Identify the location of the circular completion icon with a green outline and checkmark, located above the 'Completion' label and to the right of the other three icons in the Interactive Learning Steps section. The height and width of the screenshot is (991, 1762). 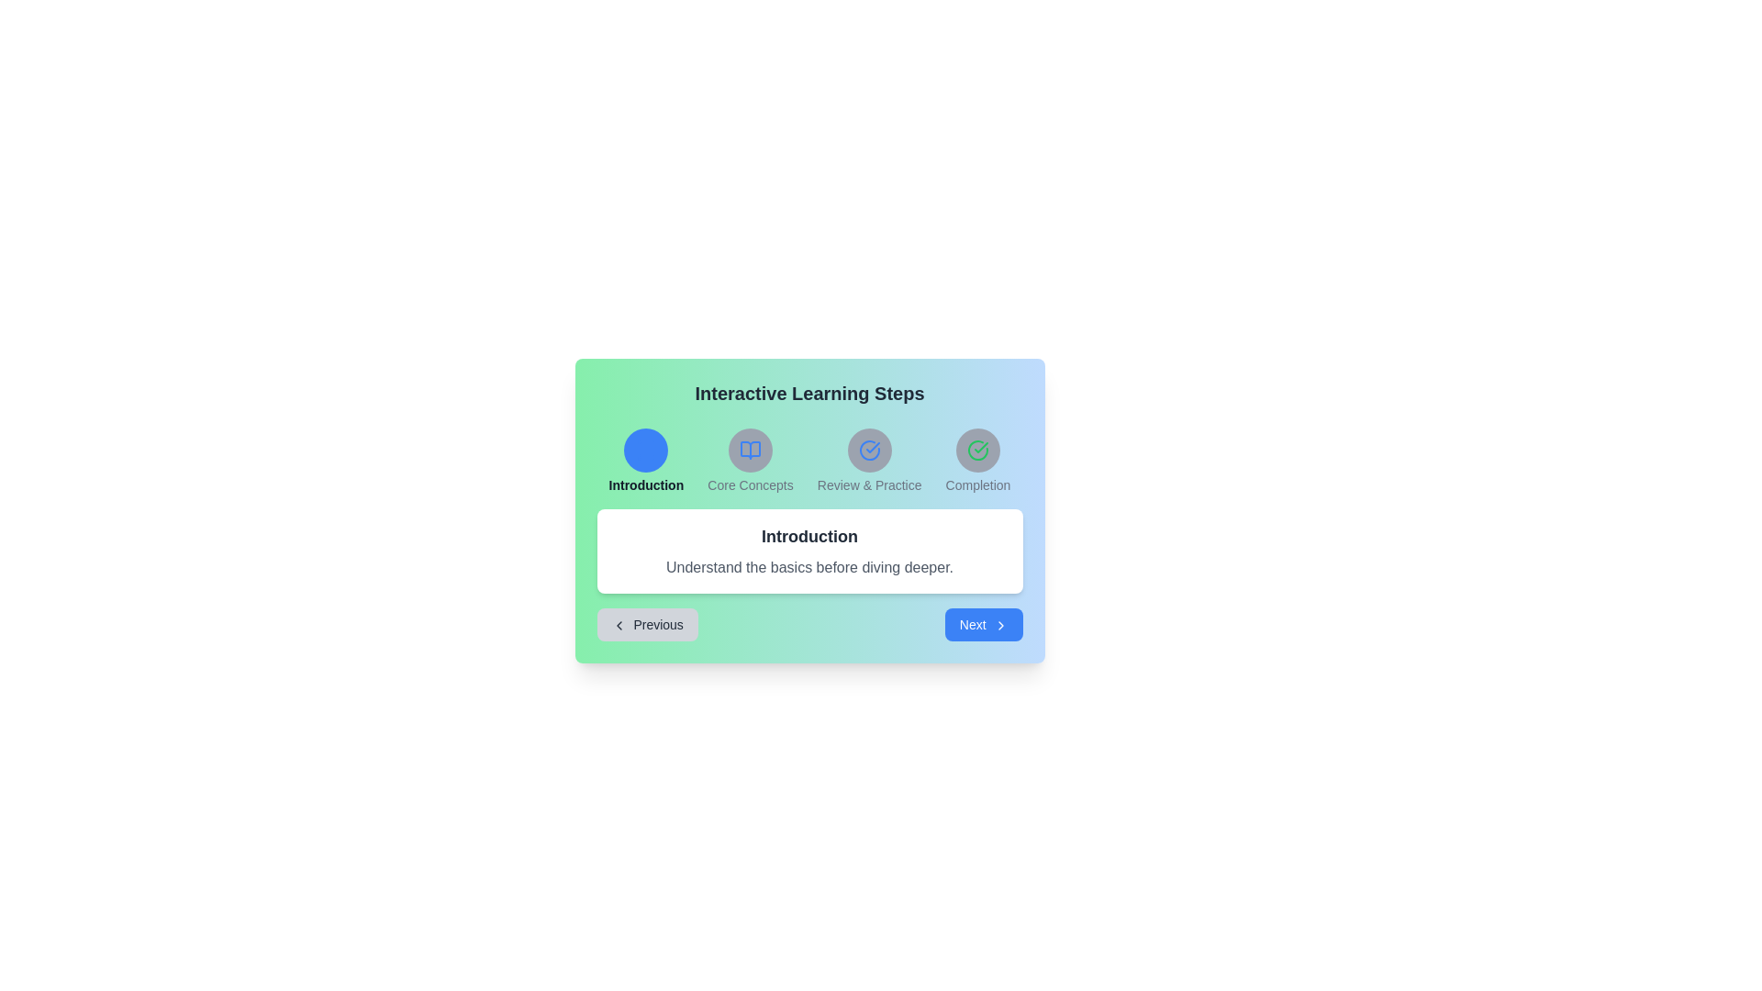
(976, 450).